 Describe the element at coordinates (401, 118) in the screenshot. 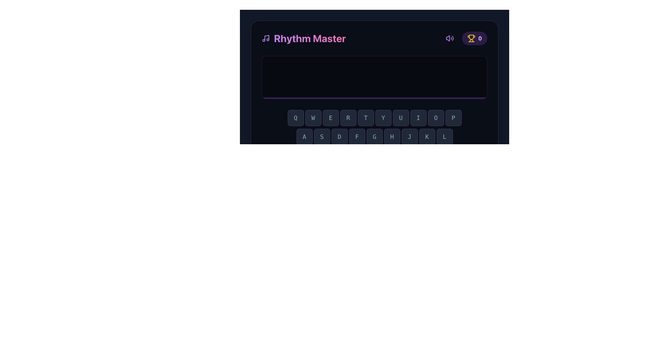

I see `the square button displaying the letter 'U' in light gray on a dark gray background, which is the seventh button in the keyboard-like arrangement of QWERTYUIOP, to input the character 'U'` at that location.